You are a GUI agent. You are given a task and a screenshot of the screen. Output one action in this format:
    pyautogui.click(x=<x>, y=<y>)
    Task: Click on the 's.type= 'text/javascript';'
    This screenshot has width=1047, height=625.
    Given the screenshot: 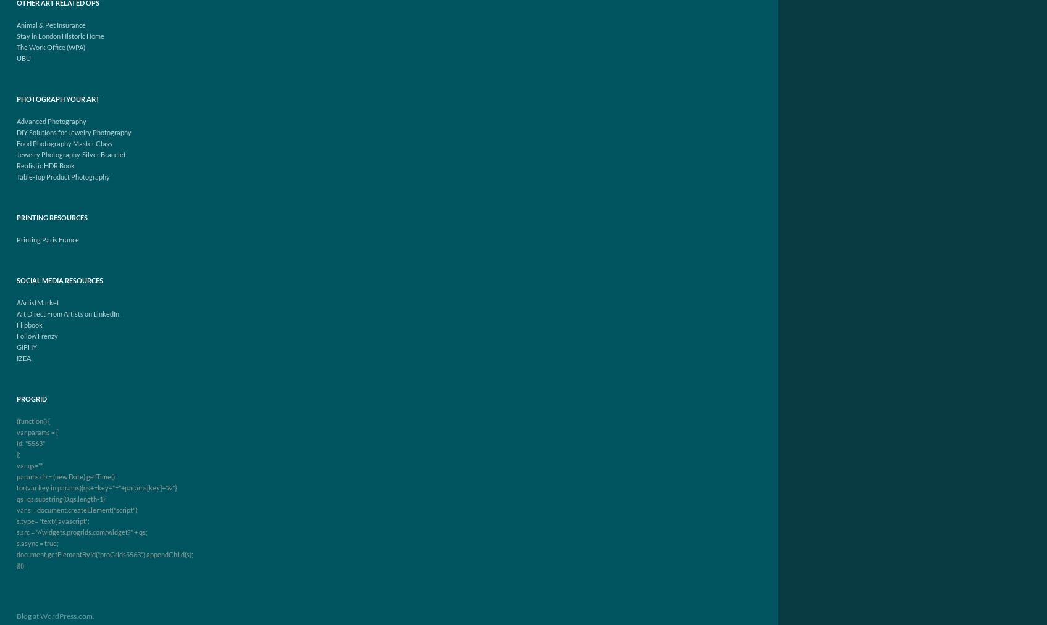 What is the action you would take?
    pyautogui.click(x=16, y=520)
    